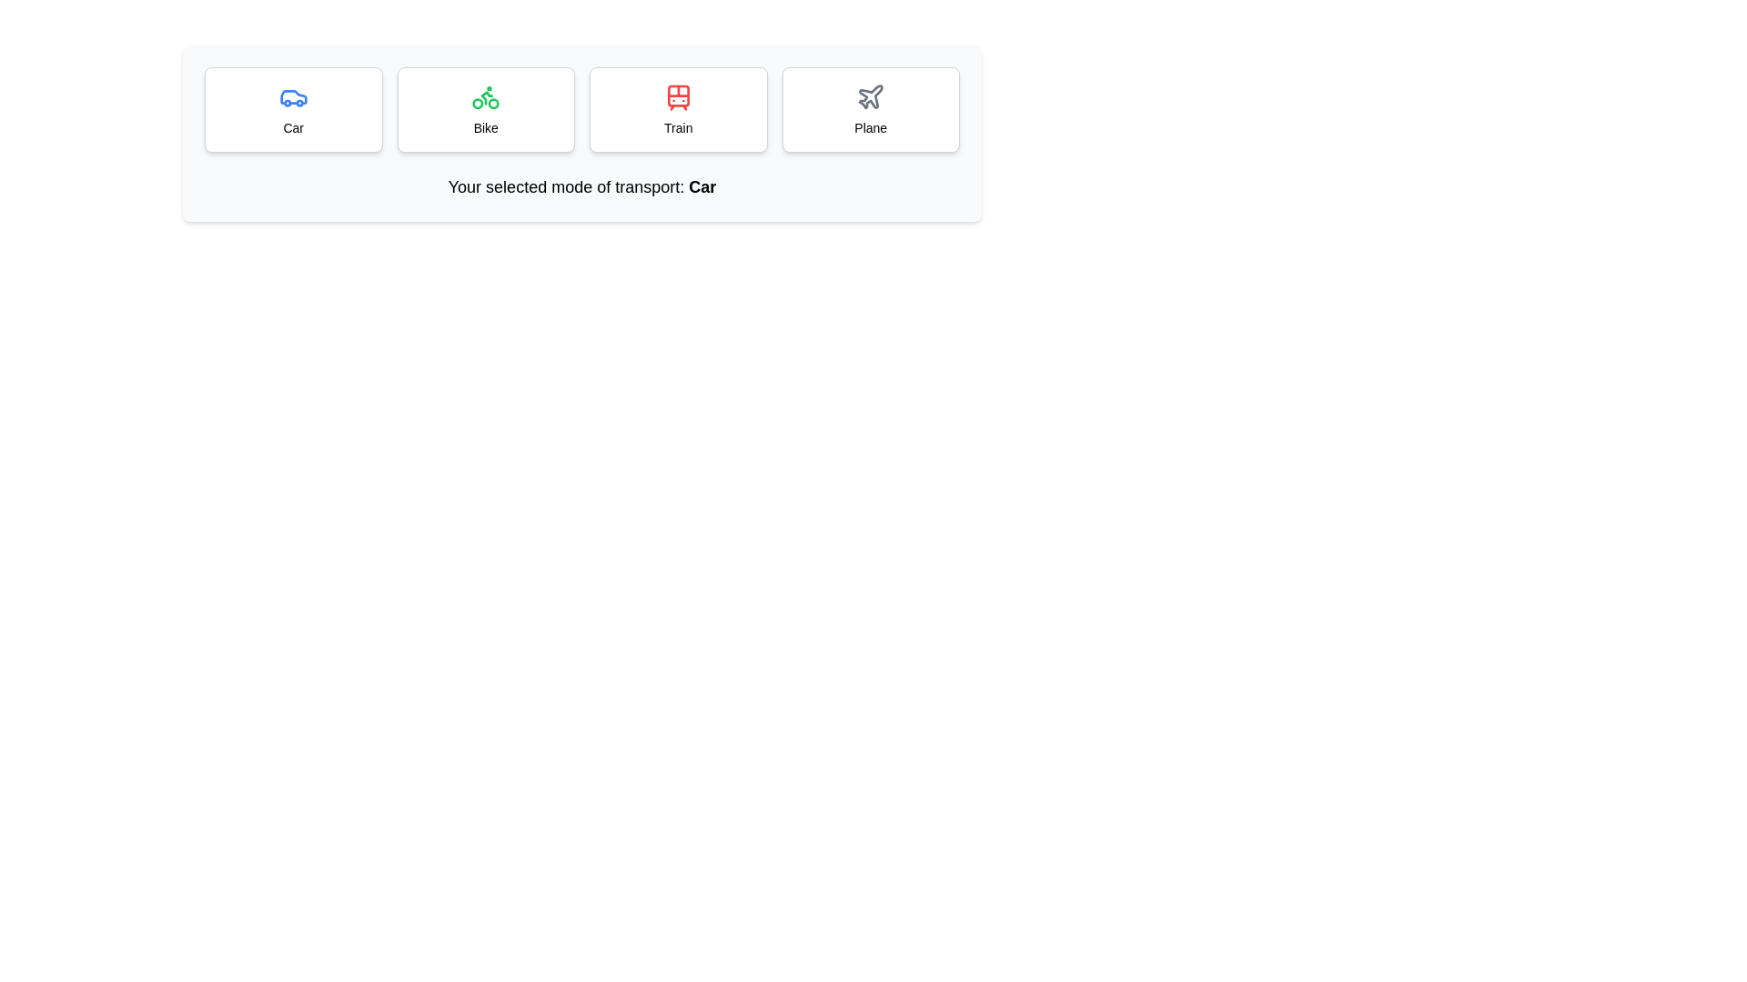 The width and height of the screenshot is (1747, 982). Describe the element at coordinates (870, 109) in the screenshot. I see `the 'Plane' button located in the fourth column of a grid, aligned with 'Car', 'Bike', and 'Train' in the top row` at that location.